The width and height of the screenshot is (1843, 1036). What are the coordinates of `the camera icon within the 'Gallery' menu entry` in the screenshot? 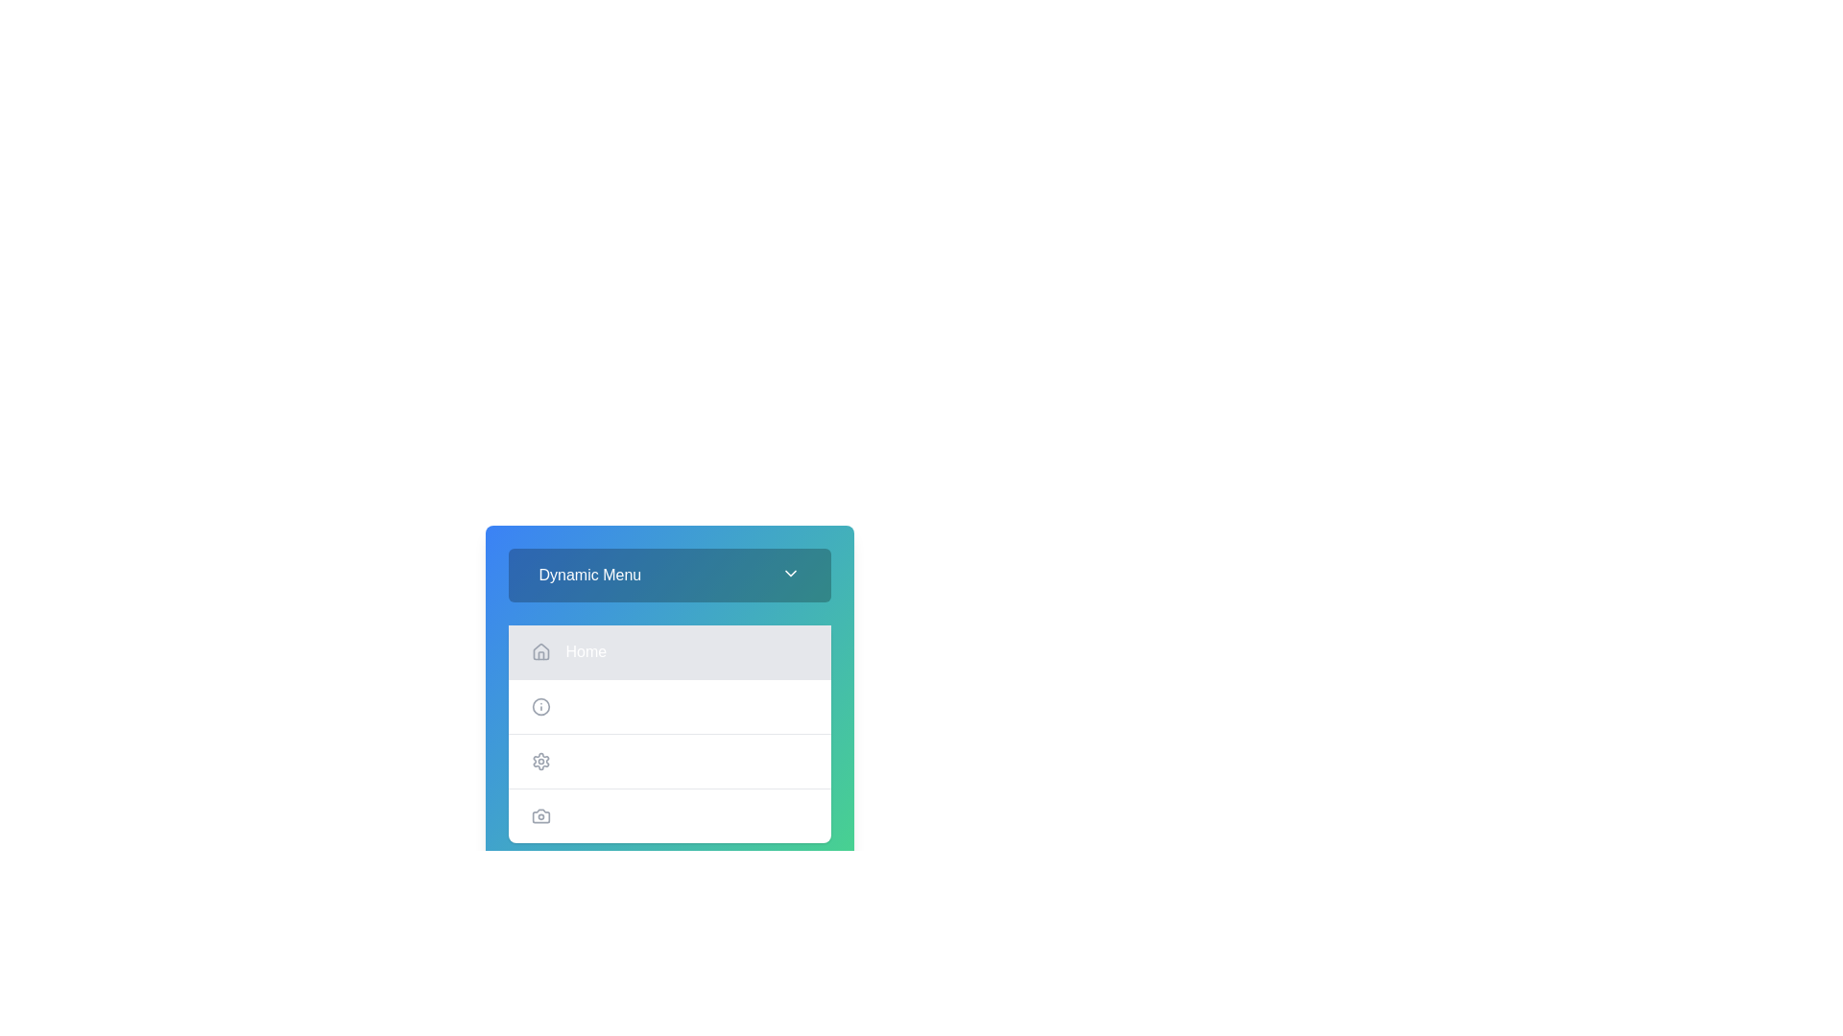 It's located at (539, 816).